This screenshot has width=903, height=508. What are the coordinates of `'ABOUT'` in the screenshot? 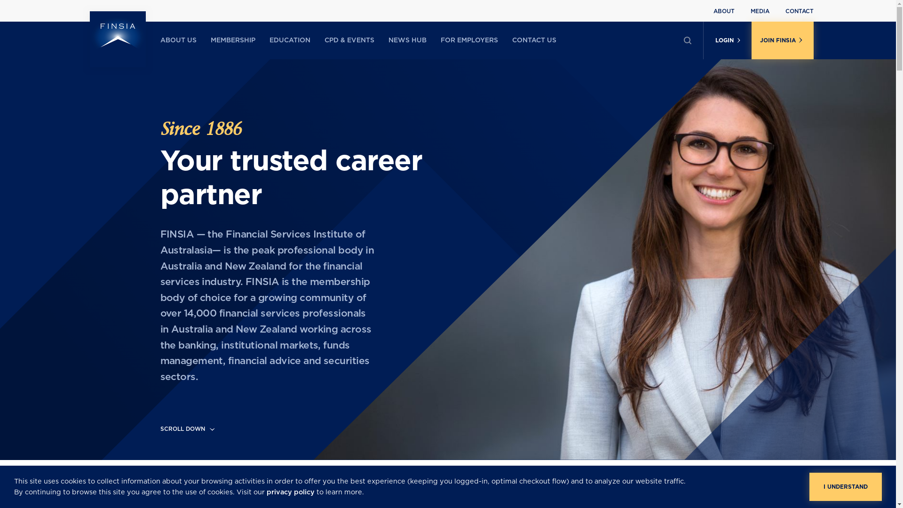 It's located at (723, 11).